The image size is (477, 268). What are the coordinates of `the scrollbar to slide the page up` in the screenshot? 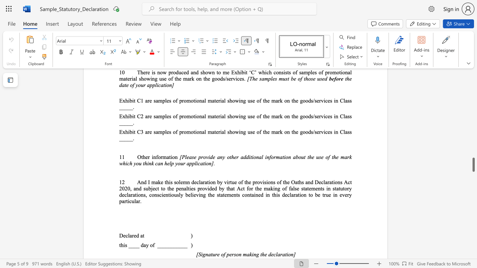 It's located at (473, 118).